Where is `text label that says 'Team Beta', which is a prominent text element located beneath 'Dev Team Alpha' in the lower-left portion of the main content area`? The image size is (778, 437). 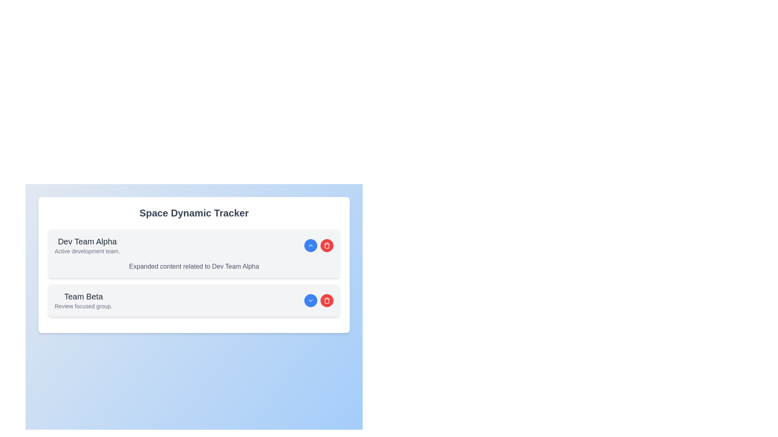 text label that says 'Team Beta', which is a prominent text element located beneath 'Dev Team Alpha' in the lower-left portion of the main content area is located at coordinates (83, 296).